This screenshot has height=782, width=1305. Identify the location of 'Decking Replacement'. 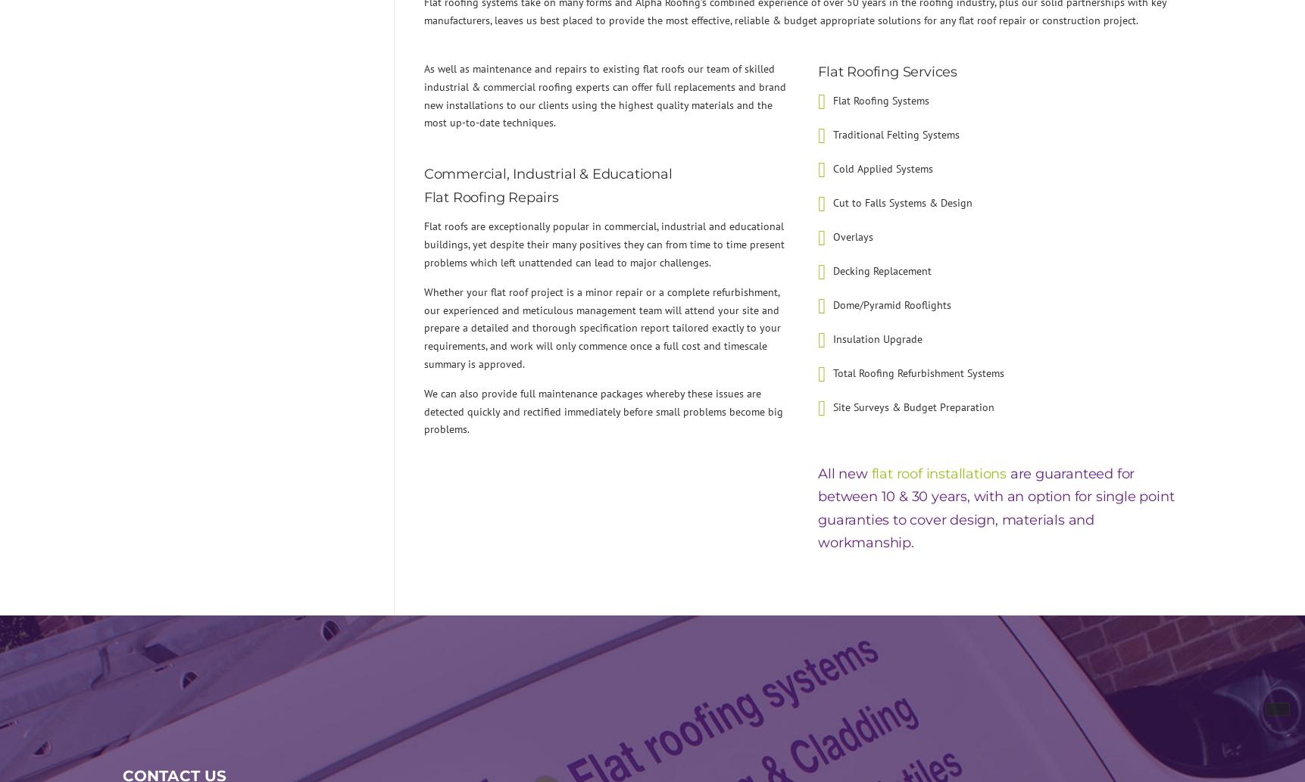
(881, 270).